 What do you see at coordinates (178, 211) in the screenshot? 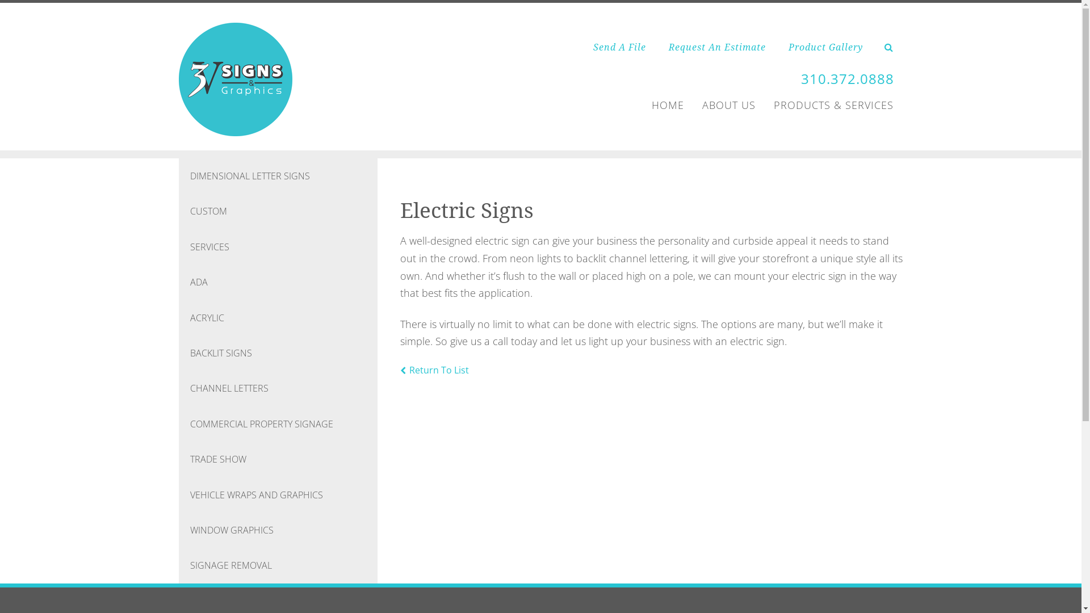
I see `'CUSTOM'` at bounding box center [178, 211].